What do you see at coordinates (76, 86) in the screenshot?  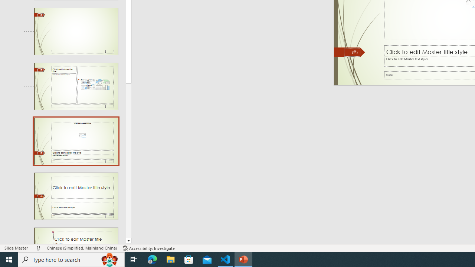 I see `'Slide Content with Caption Layout: used by no slides'` at bounding box center [76, 86].